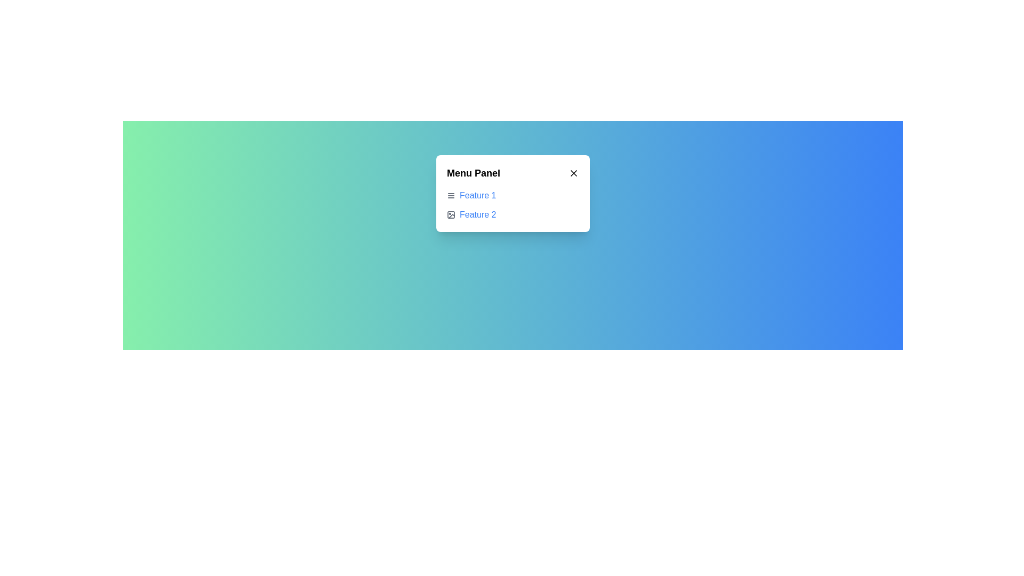 Image resolution: width=1024 pixels, height=576 pixels. What do you see at coordinates (513, 193) in the screenshot?
I see `the 'Menu Panel' element to interact with its features, which include 'Feature 1' and 'Feature 2.'` at bounding box center [513, 193].